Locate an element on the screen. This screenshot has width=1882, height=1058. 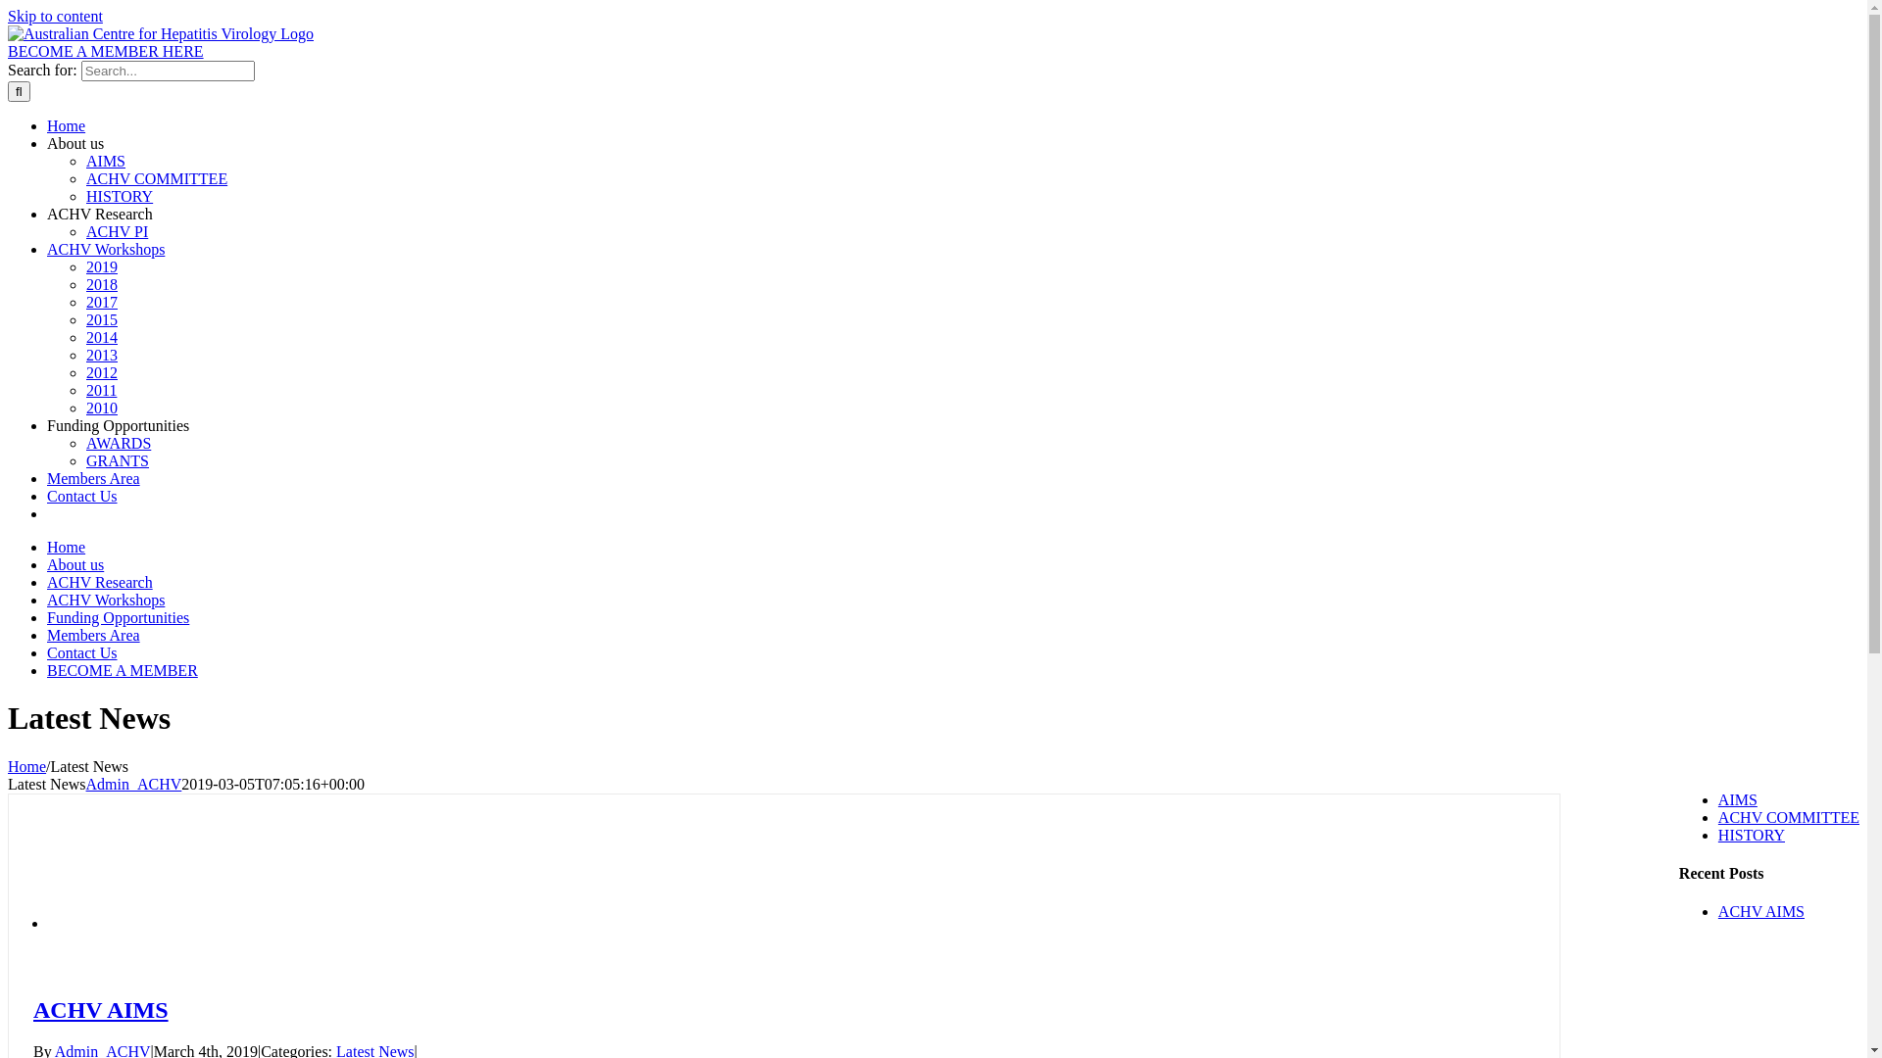
'Home' is located at coordinates (66, 125).